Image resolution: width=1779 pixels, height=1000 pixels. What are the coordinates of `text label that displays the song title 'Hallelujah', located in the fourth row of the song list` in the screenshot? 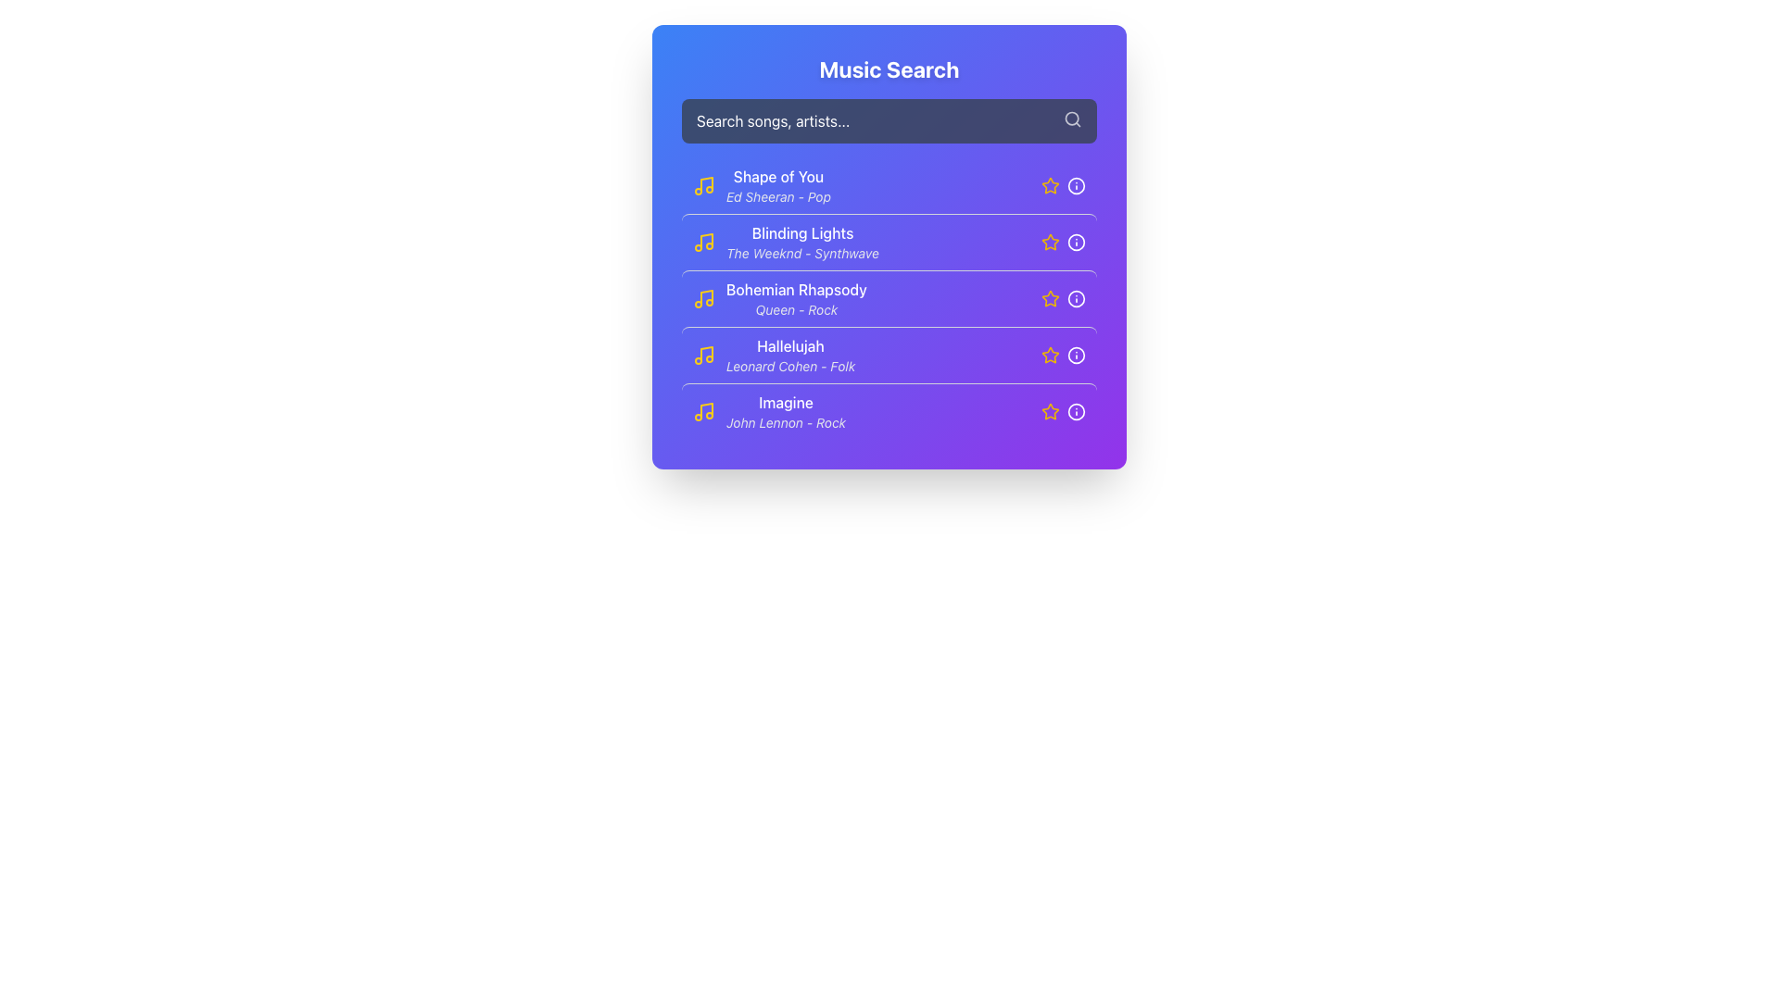 It's located at (790, 346).